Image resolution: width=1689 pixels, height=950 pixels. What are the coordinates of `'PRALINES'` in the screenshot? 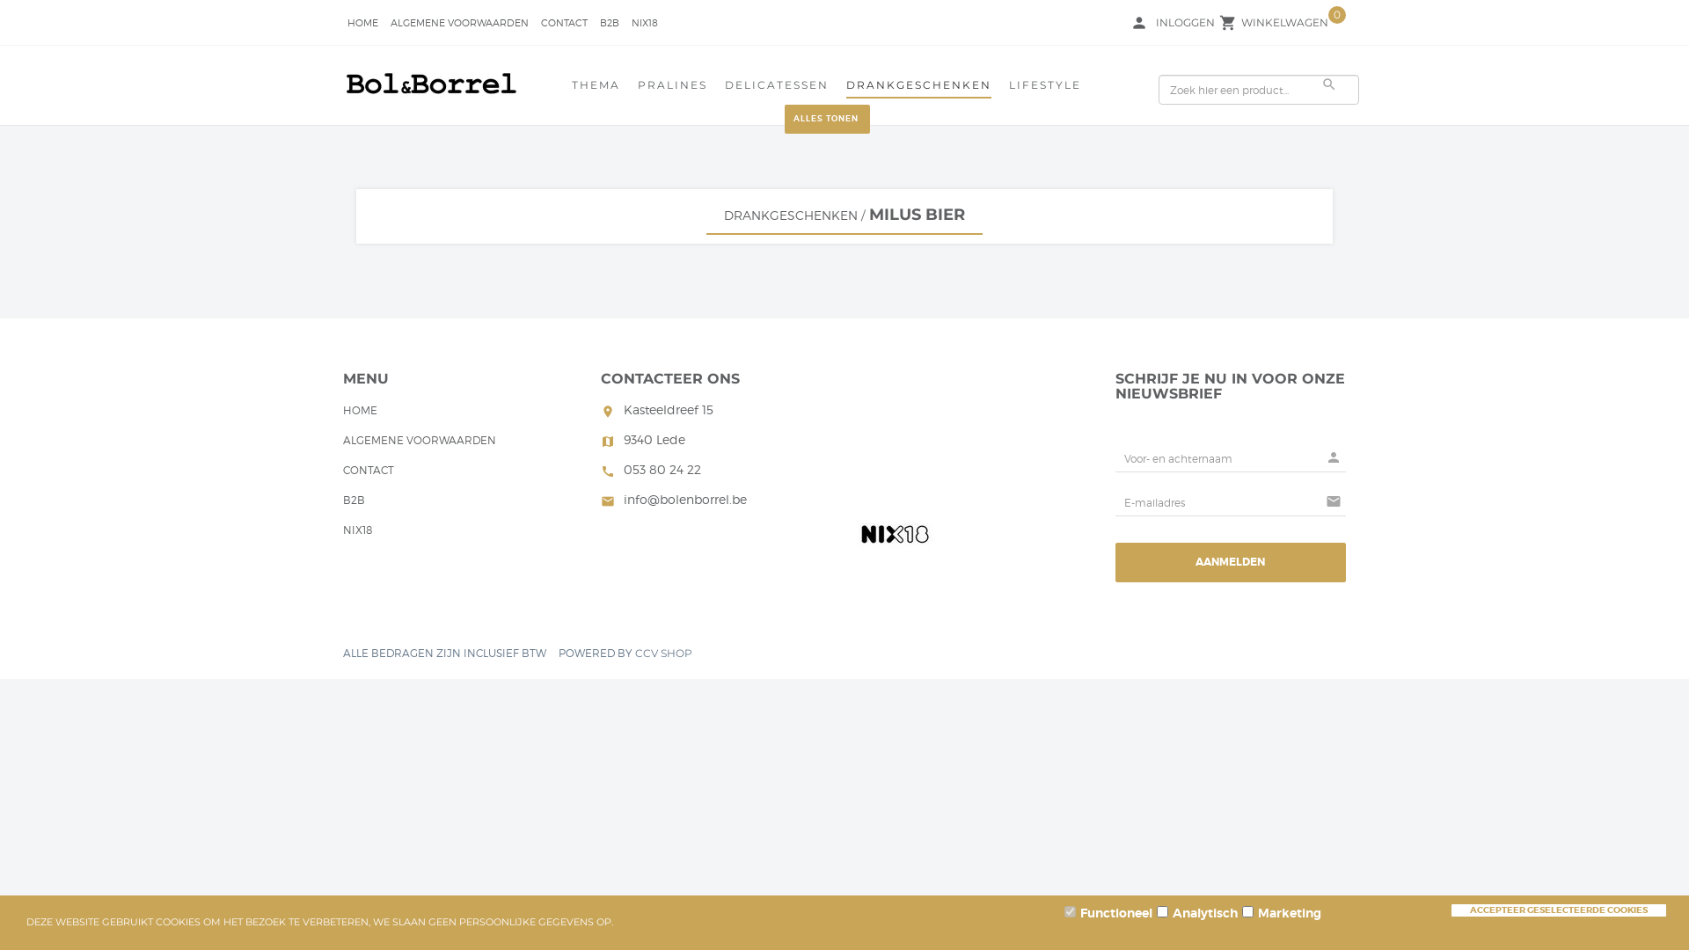 It's located at (636, 87).